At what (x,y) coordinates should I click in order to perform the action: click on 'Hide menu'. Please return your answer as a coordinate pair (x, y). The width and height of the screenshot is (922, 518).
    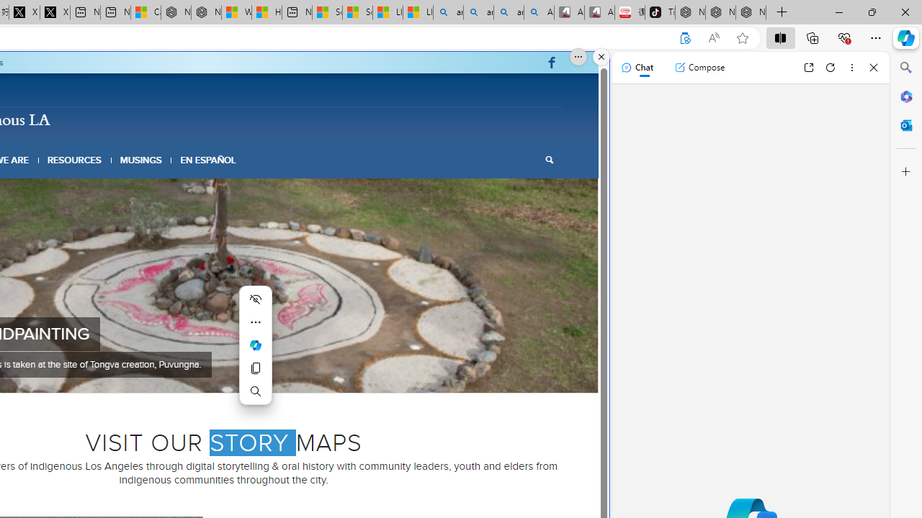
    Looking at the image, I should click on (256, 299).